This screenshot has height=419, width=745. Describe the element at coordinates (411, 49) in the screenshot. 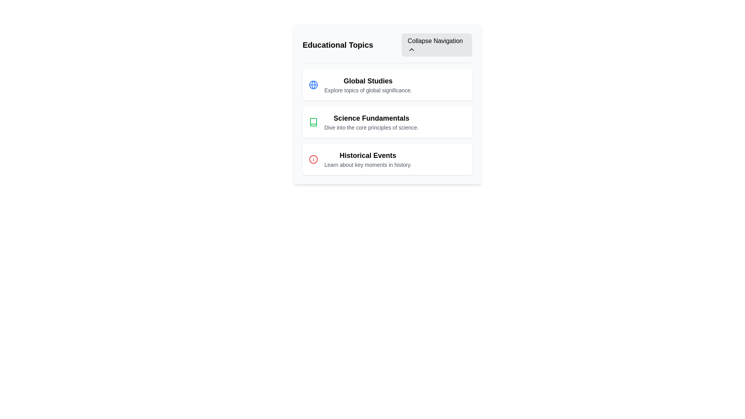

I see `the chevron-up icon within the 'Collapse Navigation' button located at the top right corner of the 'Educational Topics' card header` at that location.